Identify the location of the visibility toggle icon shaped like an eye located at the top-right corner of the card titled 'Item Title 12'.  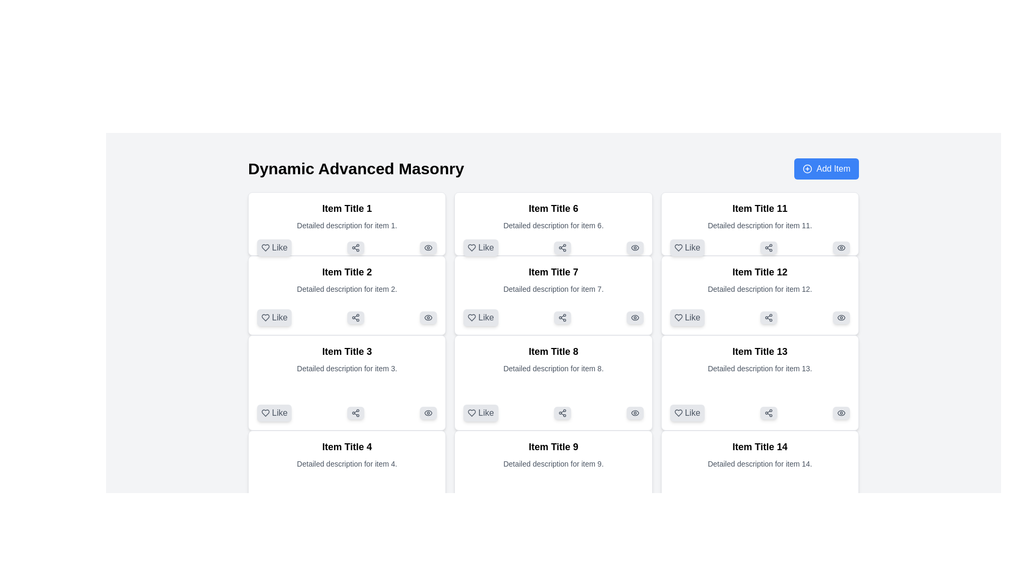
(841, 317).